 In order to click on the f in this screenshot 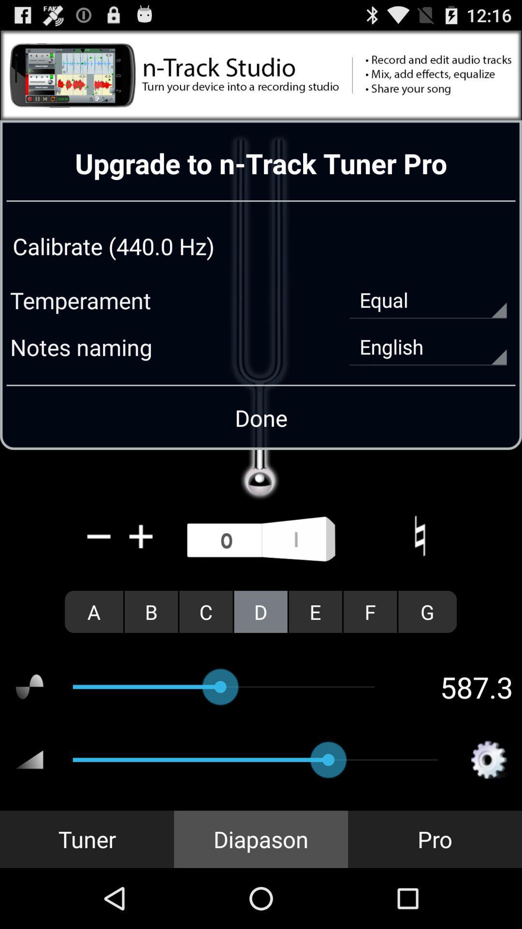, I will do `click(370, 611)`.